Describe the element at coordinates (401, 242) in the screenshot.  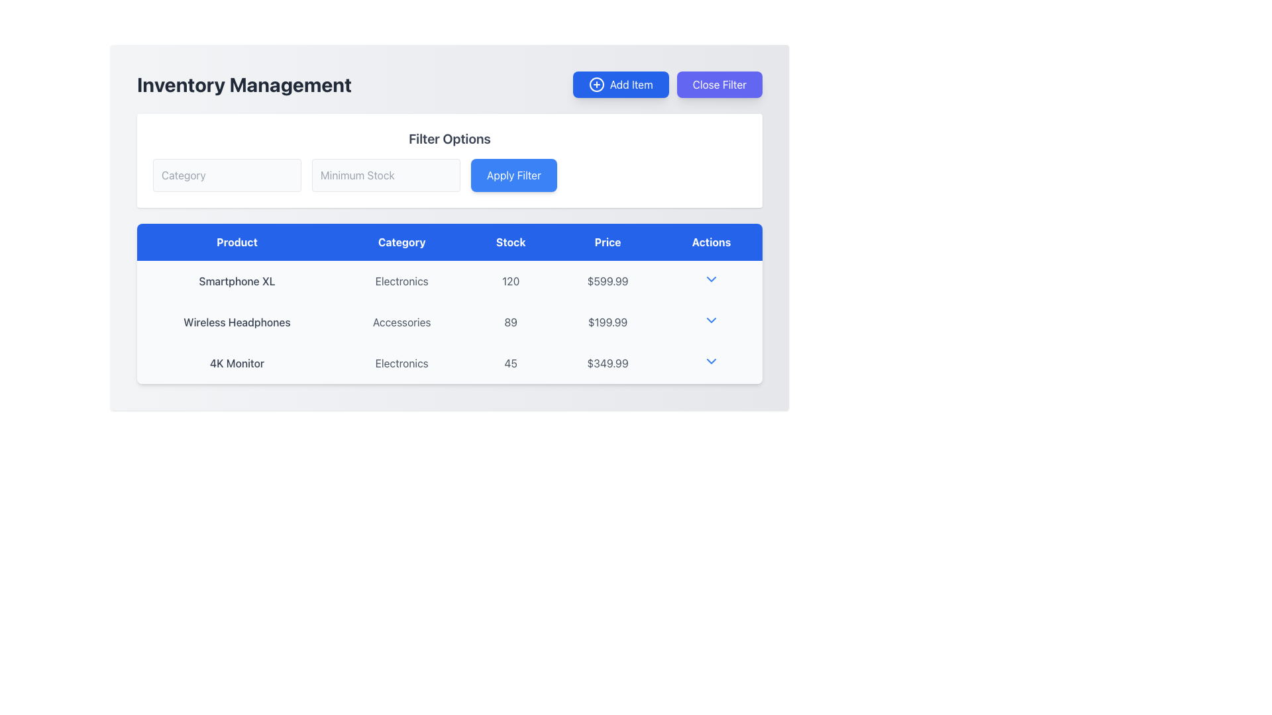
I see `the 'Category' header in the table, which is the second static text label from the left among its siblings, indicating the category of the listed products` at that location.